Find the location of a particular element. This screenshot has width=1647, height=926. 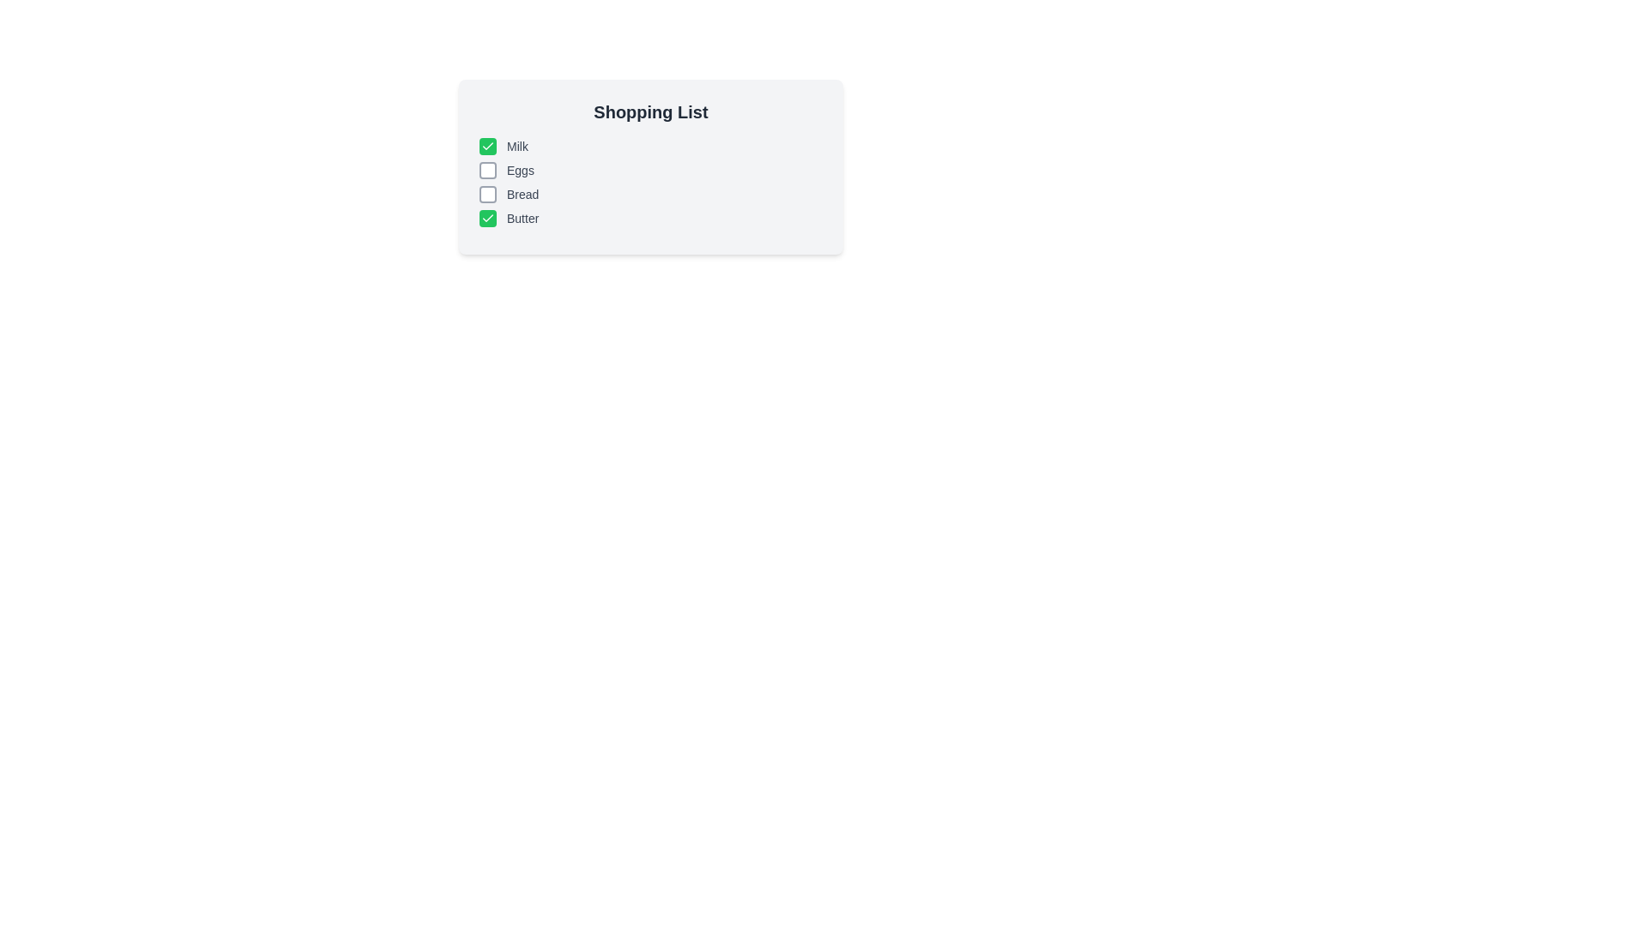

the checkbox for 'Bread' to toggle its state is located at coordinates (487, 194).